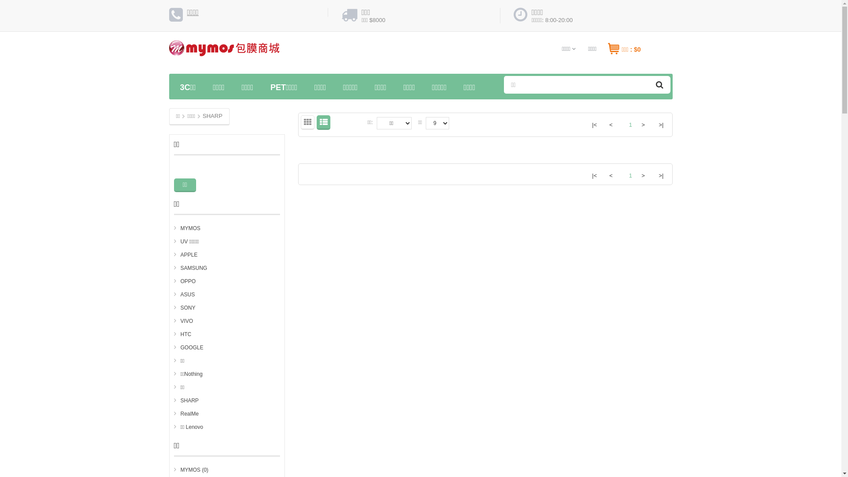 The height and width of the screenshot is (477, 848). Describe the element at coordinates (174, 281) in the screenshot. I see `'OPPO'` at that location.